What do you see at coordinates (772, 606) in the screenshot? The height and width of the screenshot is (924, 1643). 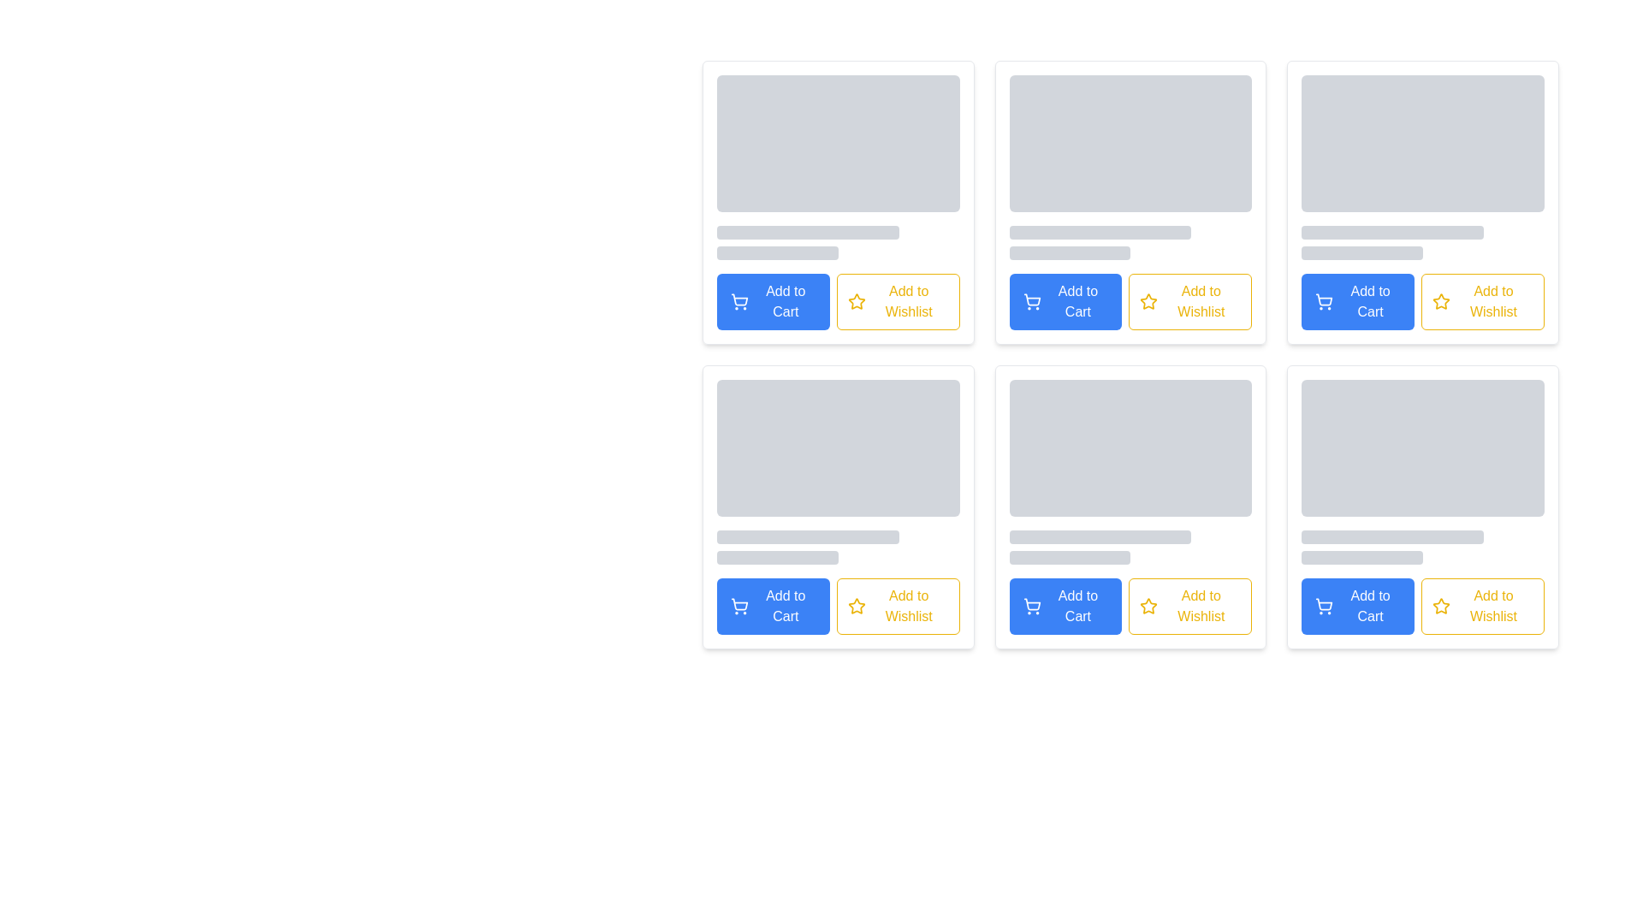 I see `the 'Add` at bounding box center [772, 606].